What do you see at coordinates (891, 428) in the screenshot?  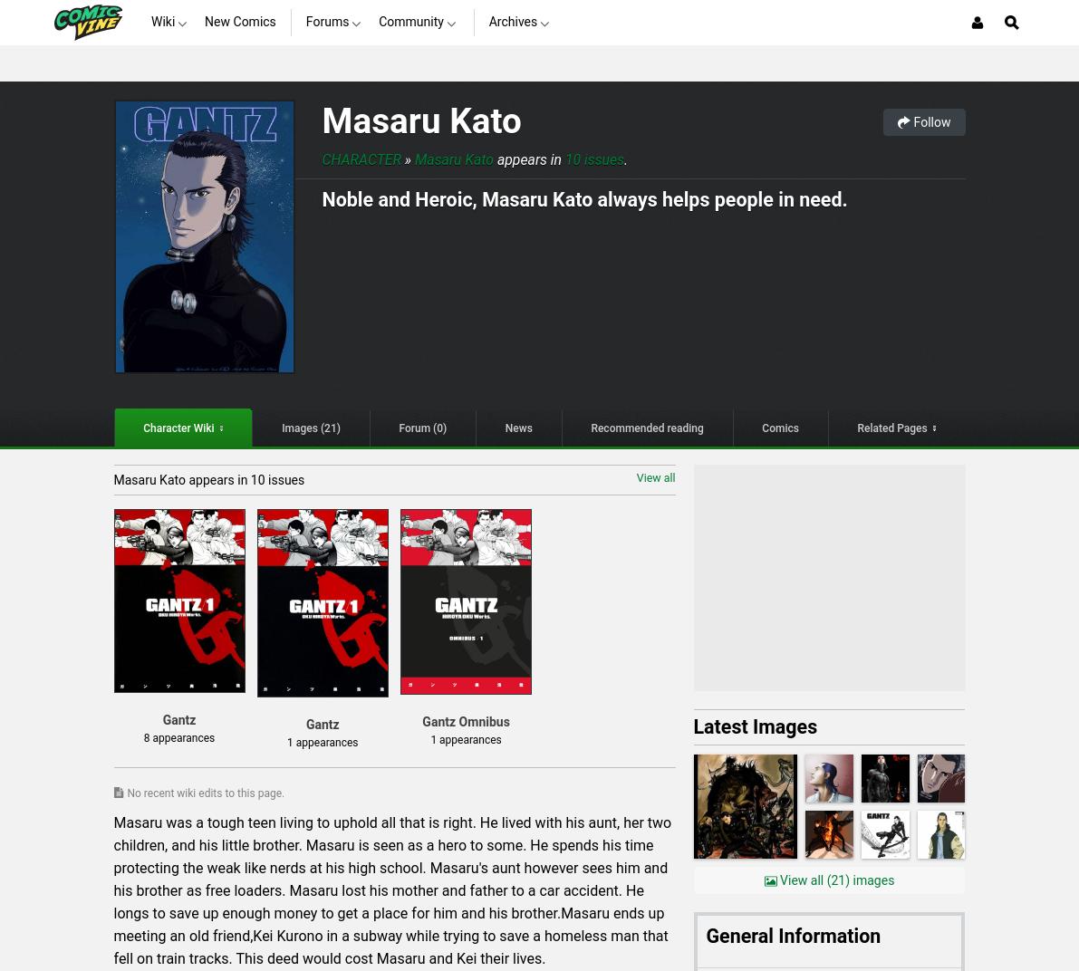 I see `'Related Pages'` at bounding box center [891, 428].